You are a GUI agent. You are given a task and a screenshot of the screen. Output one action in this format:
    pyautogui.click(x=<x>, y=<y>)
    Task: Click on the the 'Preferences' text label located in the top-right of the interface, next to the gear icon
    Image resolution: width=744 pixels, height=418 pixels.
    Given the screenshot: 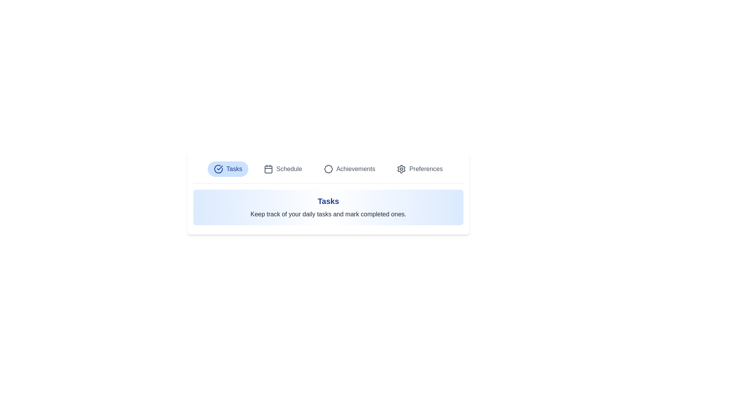 What is the action you would take?
    pyautogui.click(x=425, y=168)
    